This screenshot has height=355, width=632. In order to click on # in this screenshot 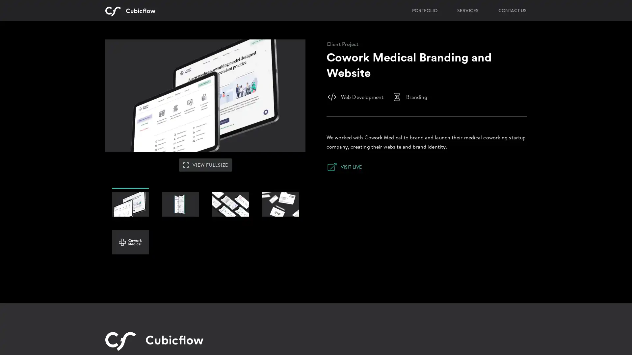, I will do `click(180, 226)`.